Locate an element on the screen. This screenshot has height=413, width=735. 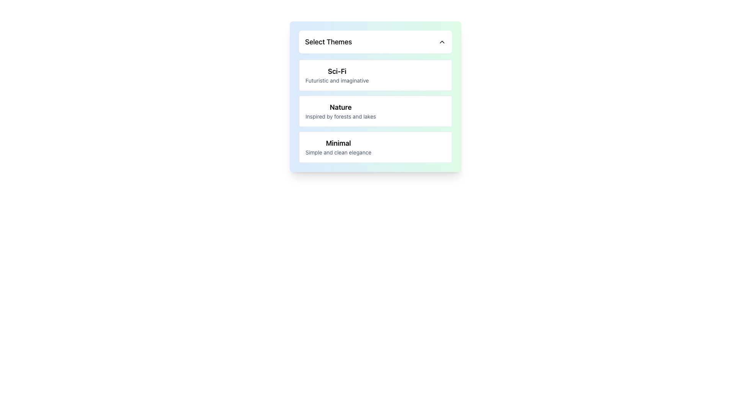
the selectable item labeled 'Nature', which is the second of three vertically stacked boxes in the interface is located at coordinates (375, 111).